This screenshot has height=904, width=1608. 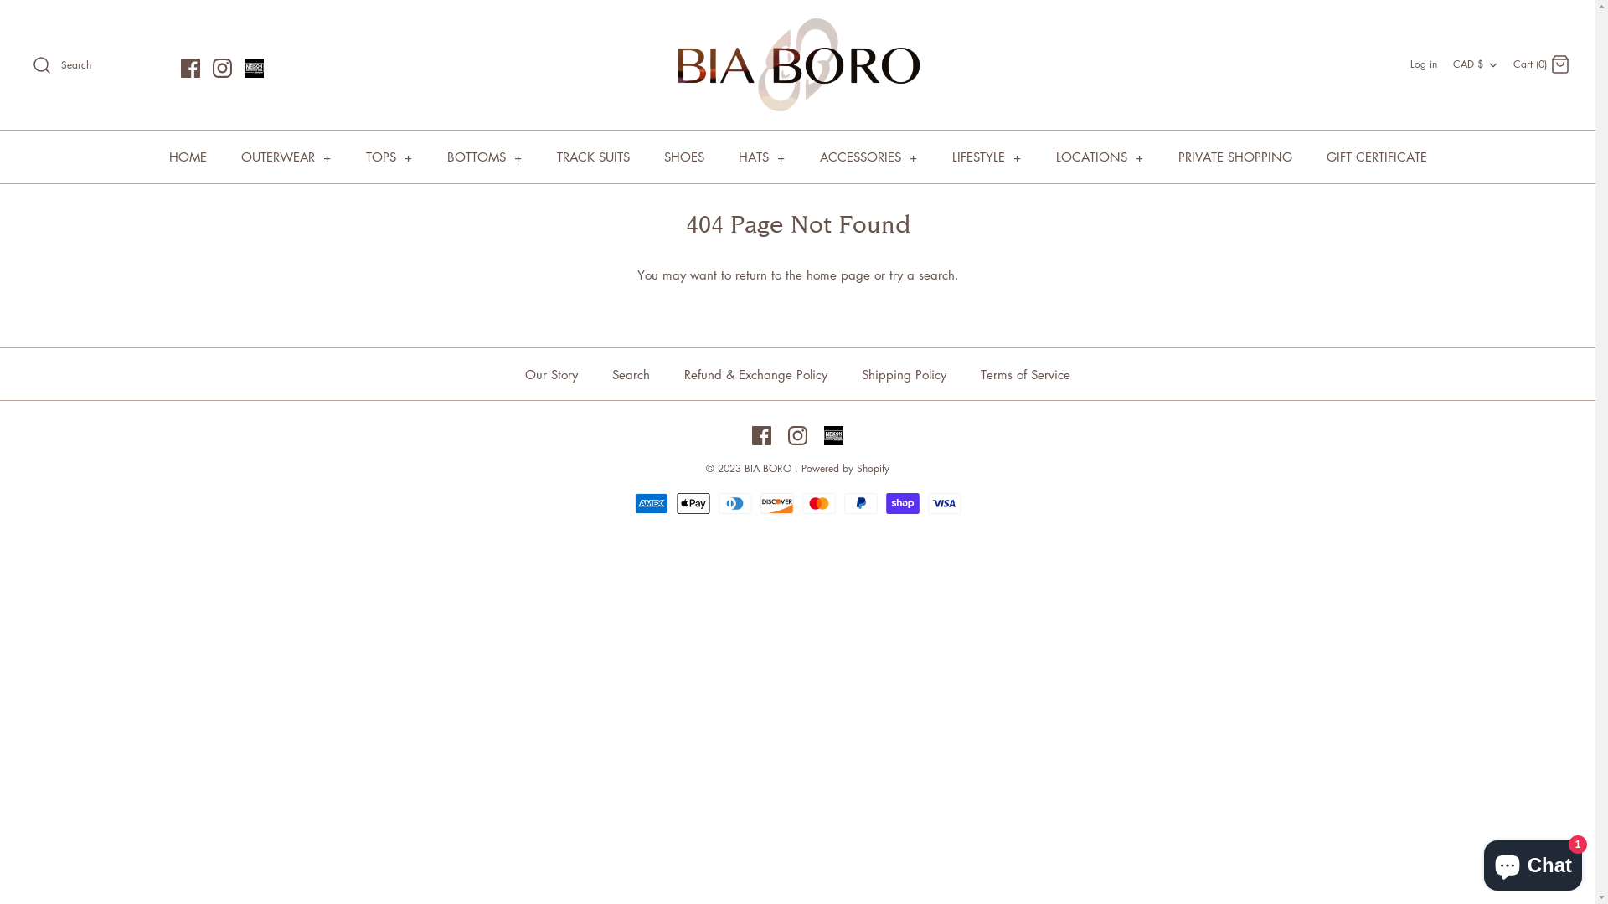 What do you see at coordinates (683, 157) in the screenshot?
I see `'SHOES'` at bounding box center [683, 157].